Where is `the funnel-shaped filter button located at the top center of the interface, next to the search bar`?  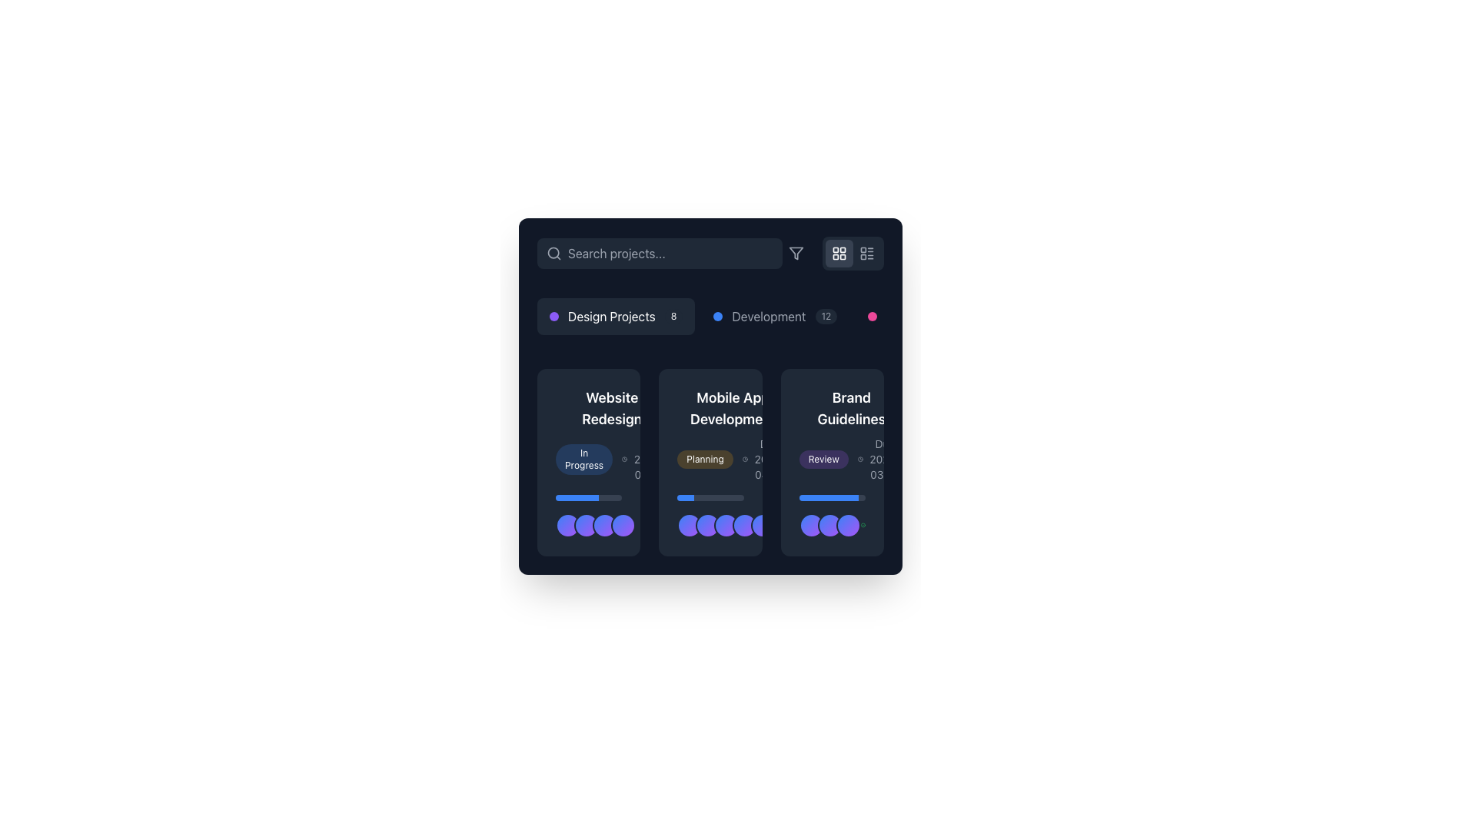
the funnel-shaped filter button located at the top center of the interface, next to the search bar is located at coordinates (796, 253).